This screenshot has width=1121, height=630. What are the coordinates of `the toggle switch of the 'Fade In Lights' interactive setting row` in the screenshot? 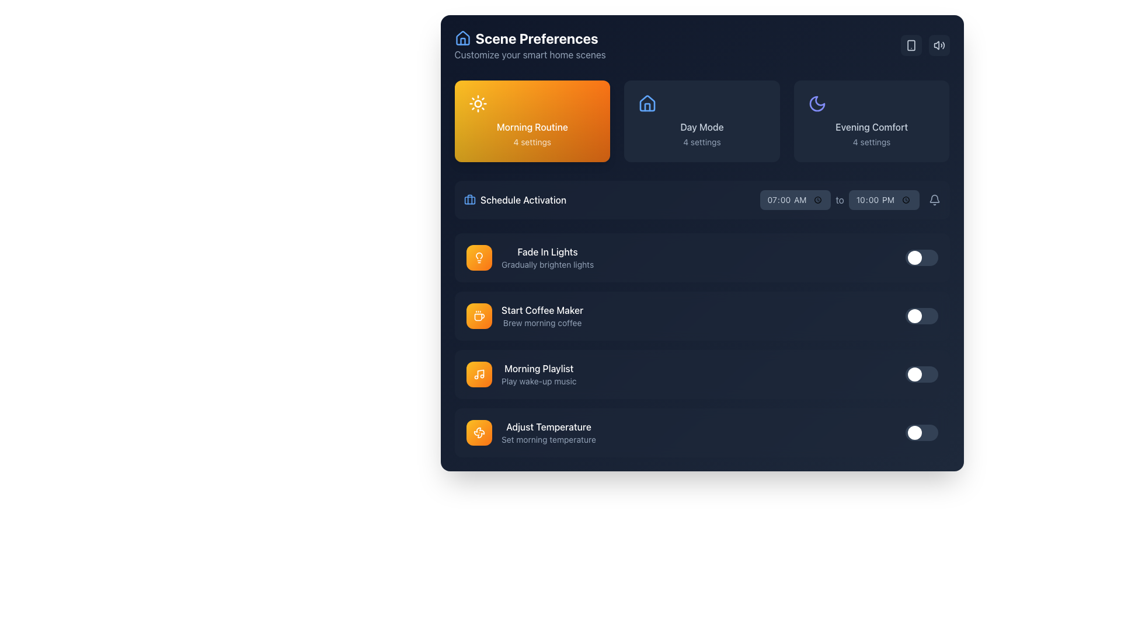 It's located at (701, 257).